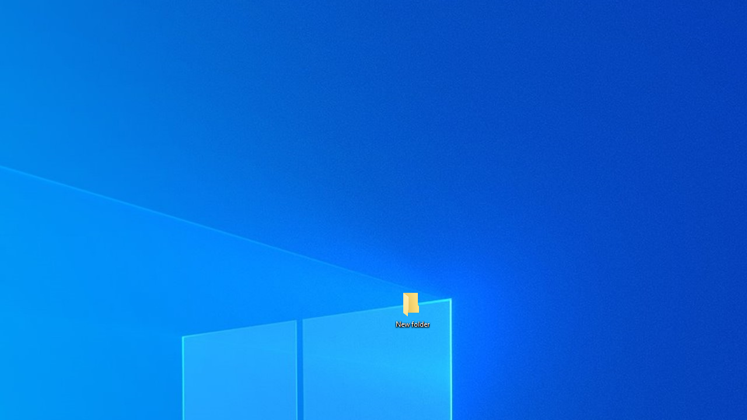  What do you see at coordinates (412, 309) in the screenshot?
I see `'New folder'` at bounding box center [412, 309].